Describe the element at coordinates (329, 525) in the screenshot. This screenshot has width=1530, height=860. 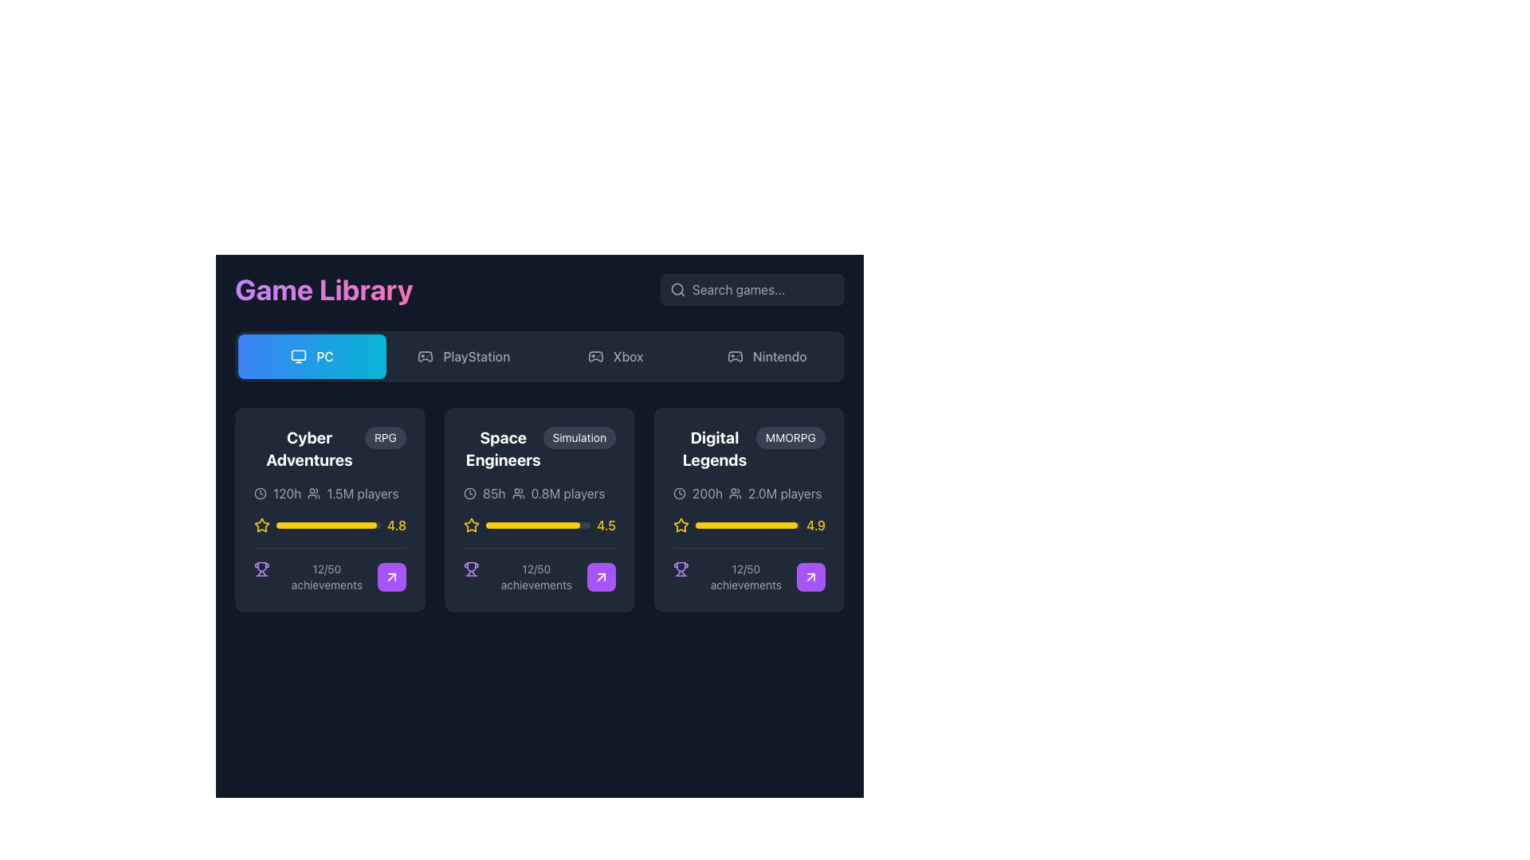
I see `the star icon of the Rating display located in the 'Cyber Adventures' card in the 'Game Library' interface, which shows a high rating of '4.8'` at that location.